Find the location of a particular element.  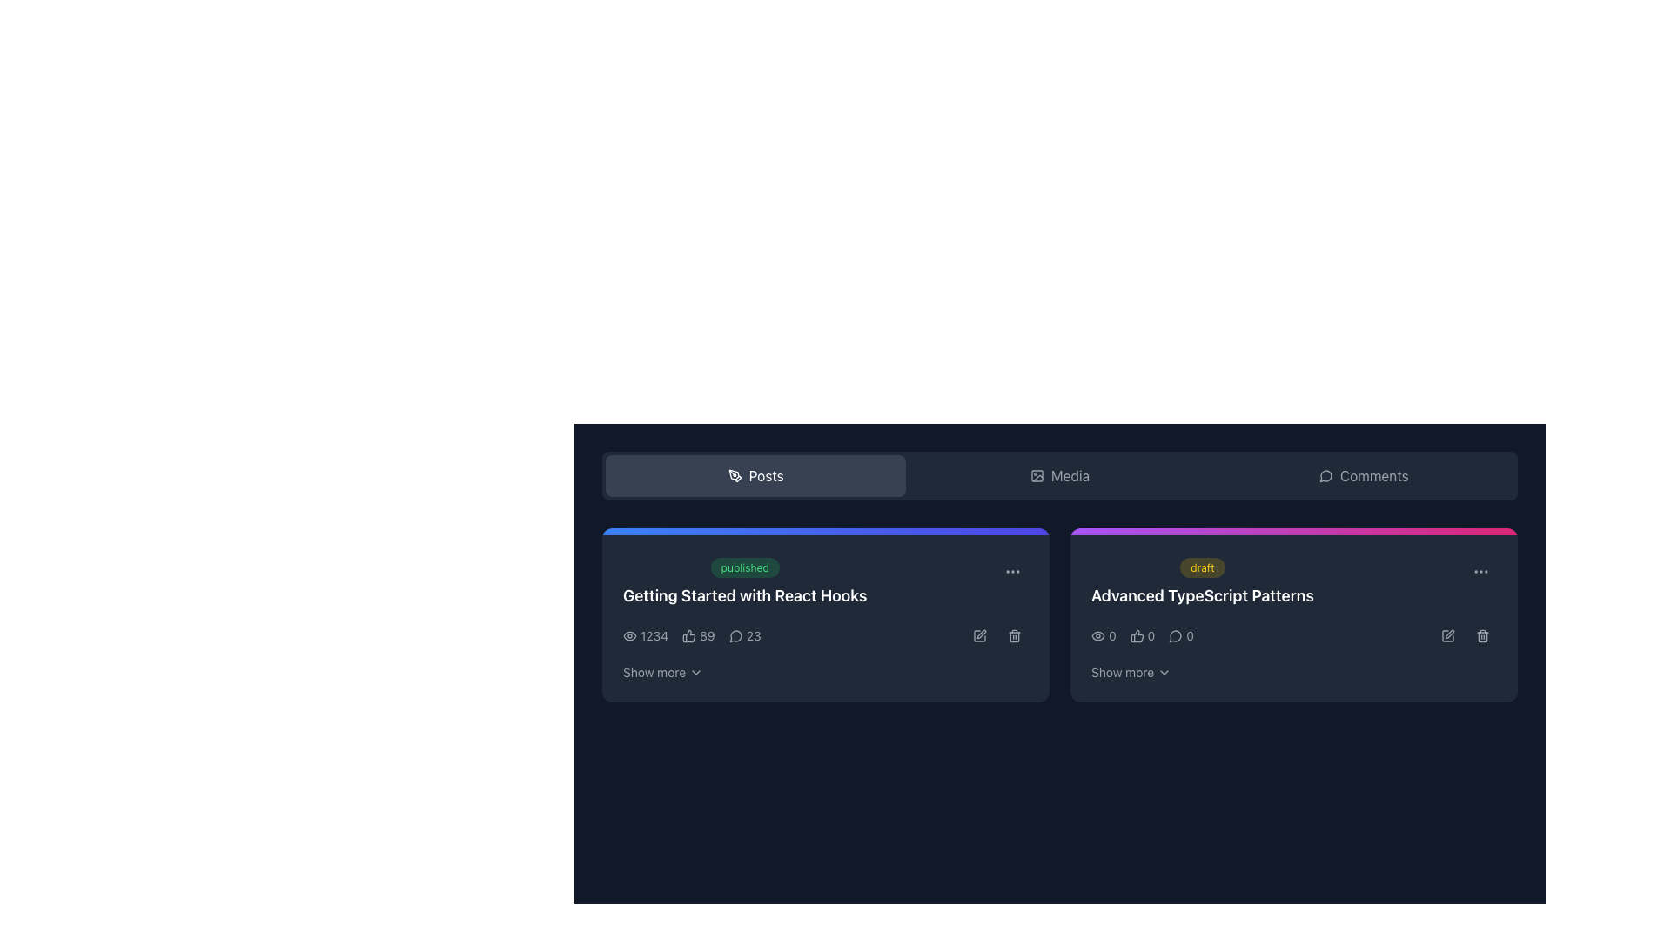

the pen tool icon located to the left of the 'Posts' text label in the navigation bar at the top of the interface is located at coordinates (735, 476).